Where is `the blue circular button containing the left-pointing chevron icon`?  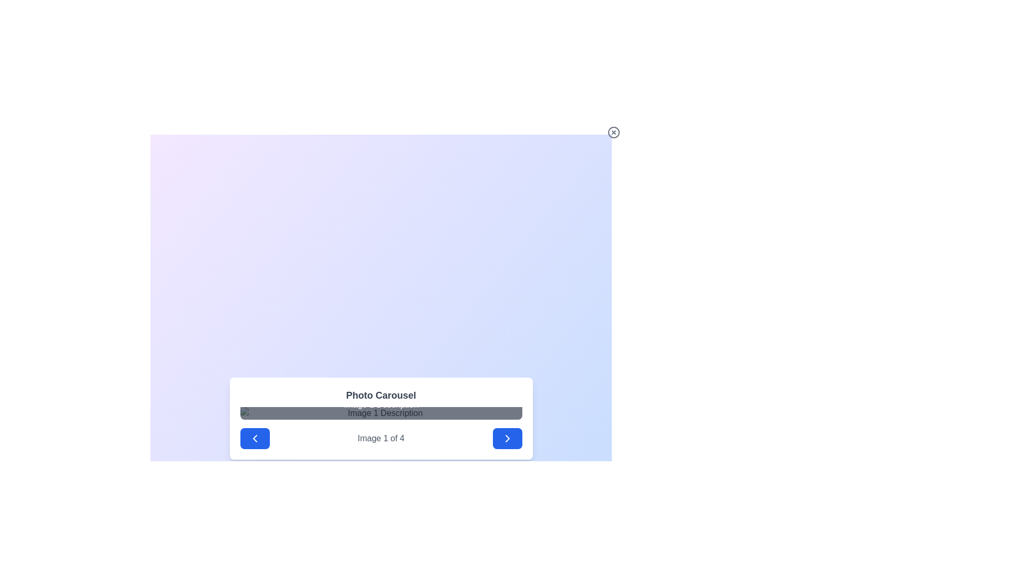
the blue circular button containing the left-pointing chevron icon is located at coordinates (255, 438).